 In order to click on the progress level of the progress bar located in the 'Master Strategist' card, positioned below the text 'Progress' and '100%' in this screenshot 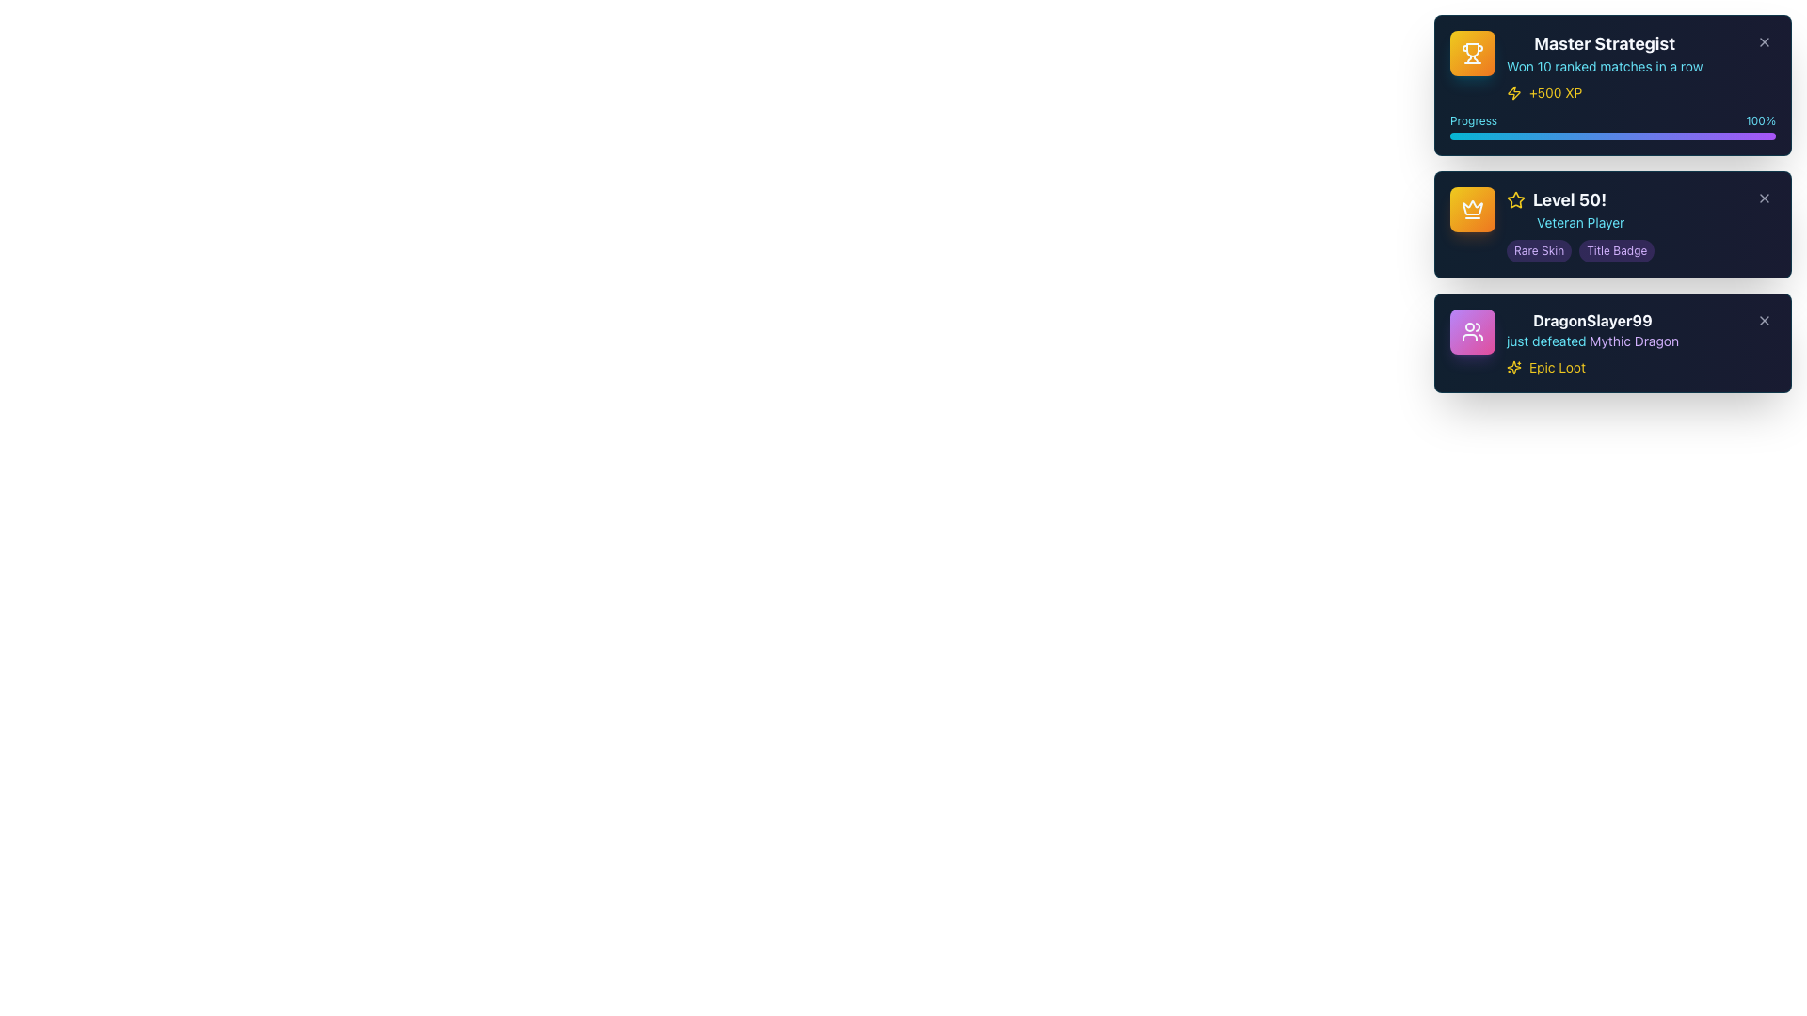, I will do `click(1611, 135)`.